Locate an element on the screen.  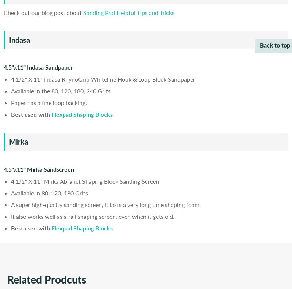
'Mirka' is located at coordinates (9, 142).